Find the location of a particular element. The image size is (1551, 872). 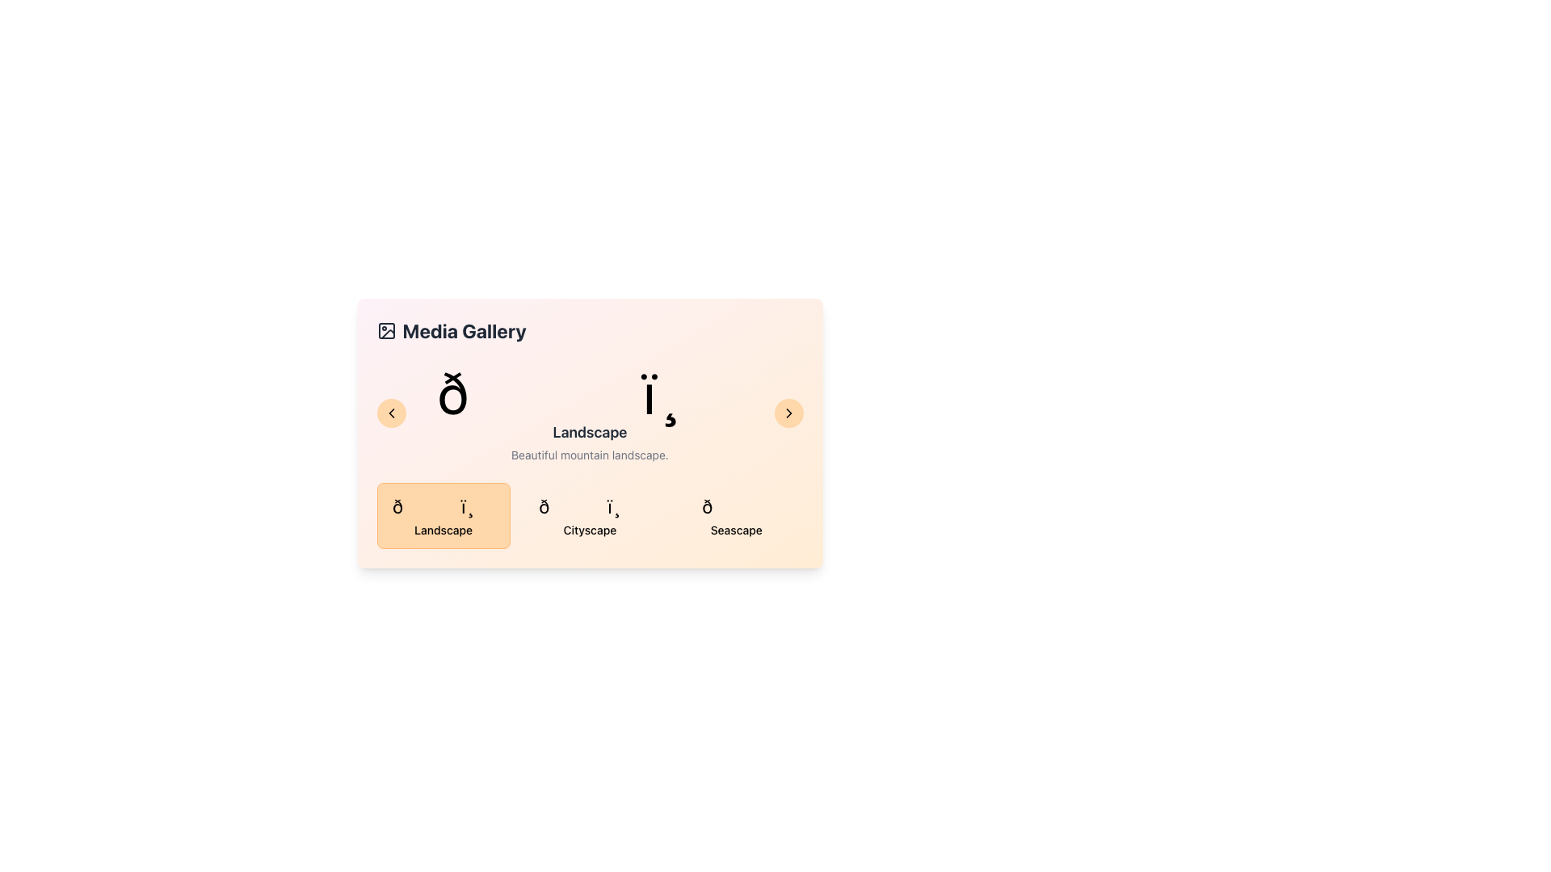

the Text Label that serves as a title for the landscape section, located centrally below the landscape icon and above the description text 'Beautiful mountain landscape.' is located at coordinates (589, 432).